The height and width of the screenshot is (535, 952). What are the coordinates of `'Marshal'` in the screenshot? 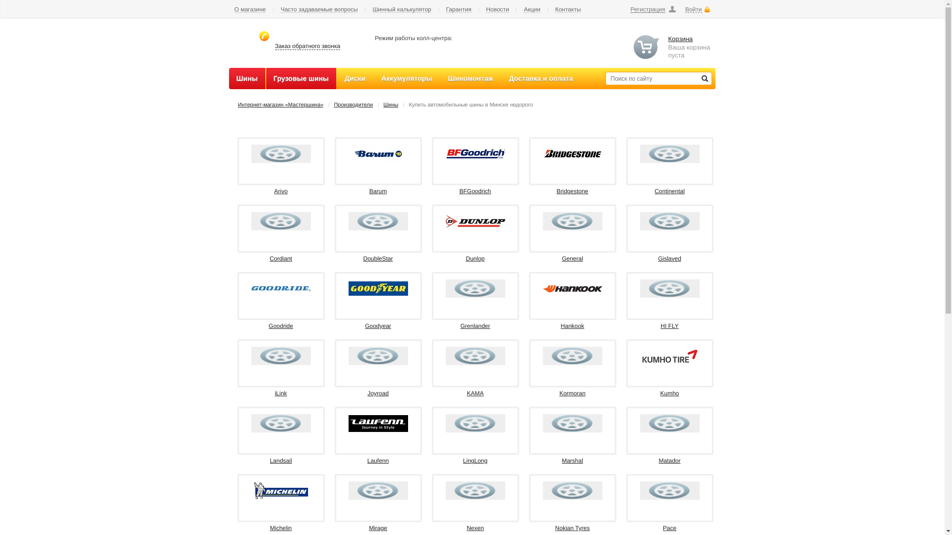 It's located at (572, 460).